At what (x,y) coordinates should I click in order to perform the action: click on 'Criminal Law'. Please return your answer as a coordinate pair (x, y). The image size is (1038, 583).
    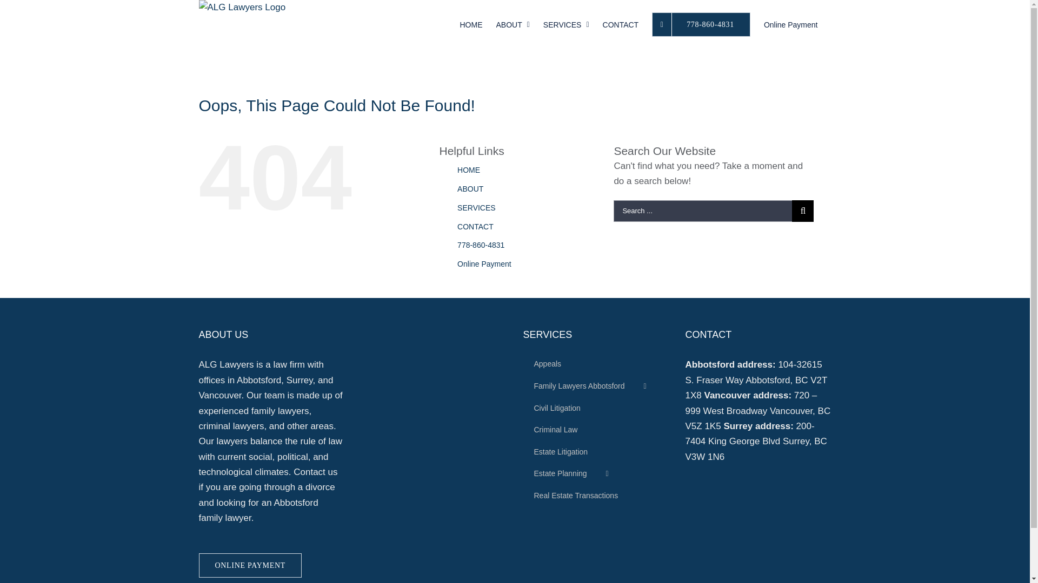
    Looking at the image, I should click on (523, 430).